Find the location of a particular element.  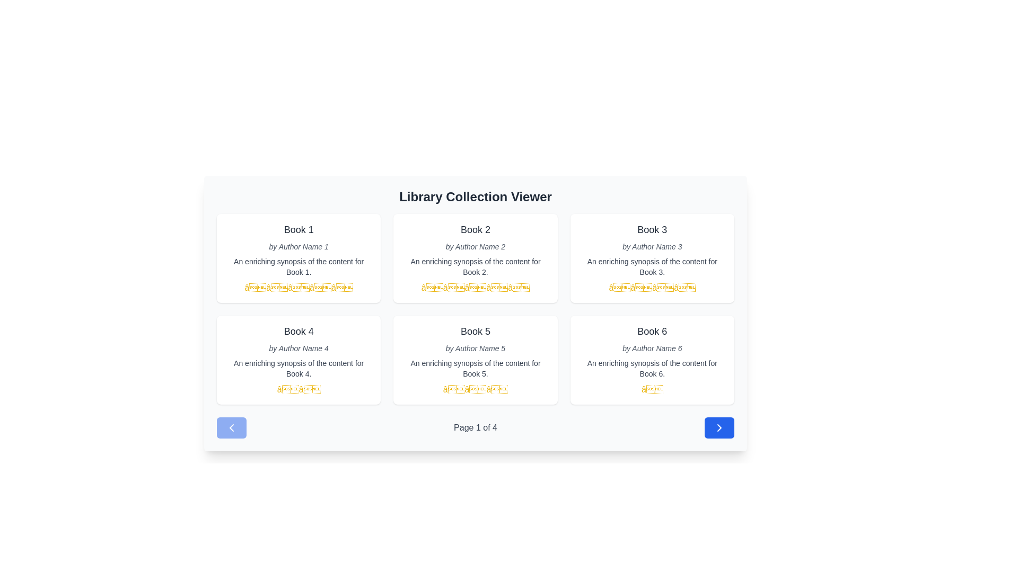

the fifth yellow star icon in the rating indicator group, which is located below the description text of 'Book 1' in the first card of the first row is located at coordinates (342, 288).